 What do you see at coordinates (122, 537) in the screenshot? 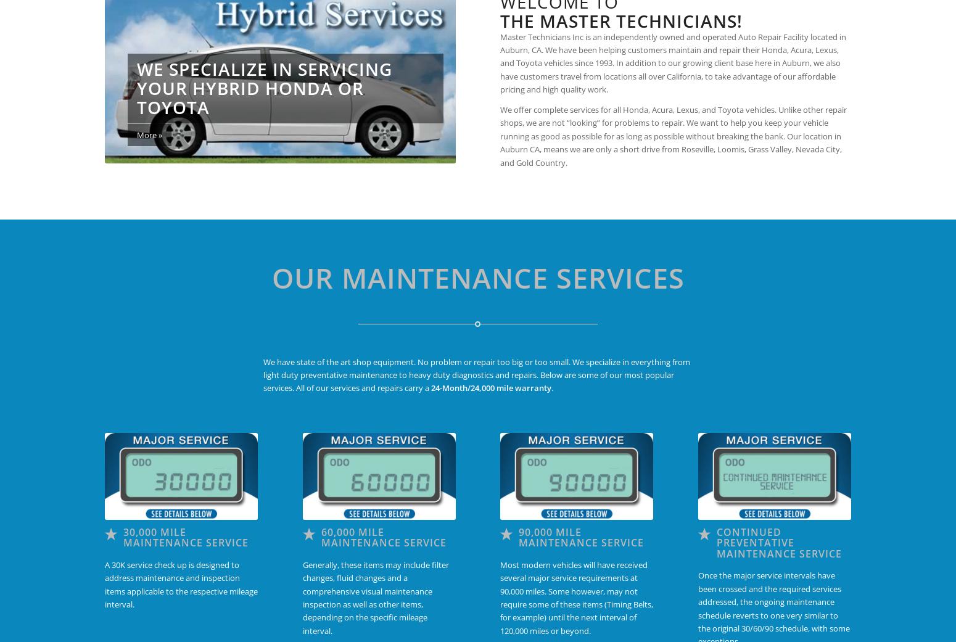
I see `'30,000 Mile Maintenance Service'` at bounding box center [122, 537].